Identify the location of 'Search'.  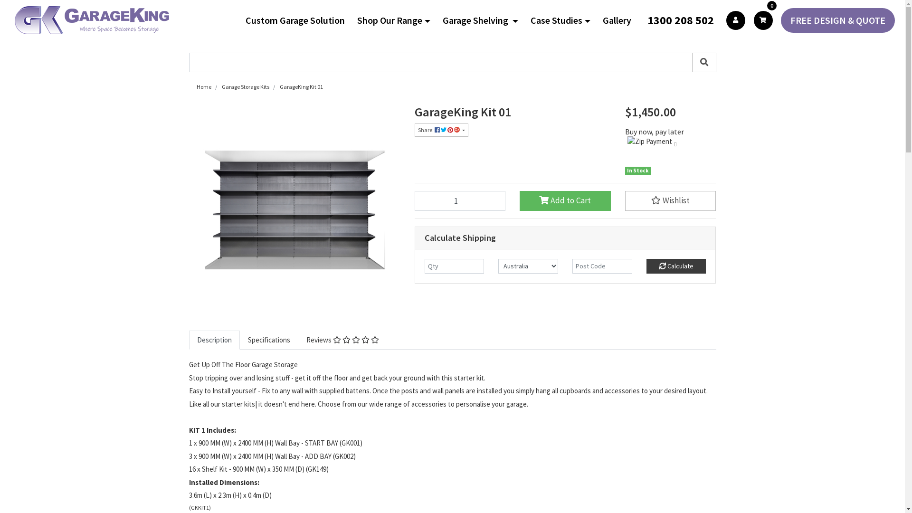
(703, 62).